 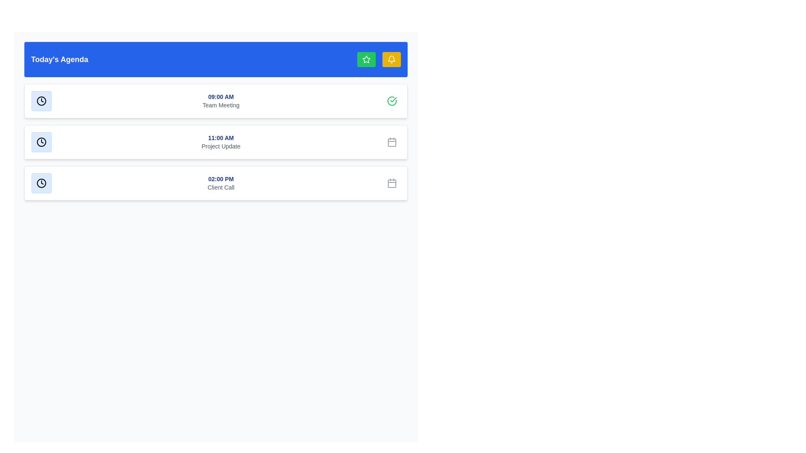 I want to click on the time icon in the top-left corner of the third event entry in 'Today's Agenda', so click(x=41, y=182).